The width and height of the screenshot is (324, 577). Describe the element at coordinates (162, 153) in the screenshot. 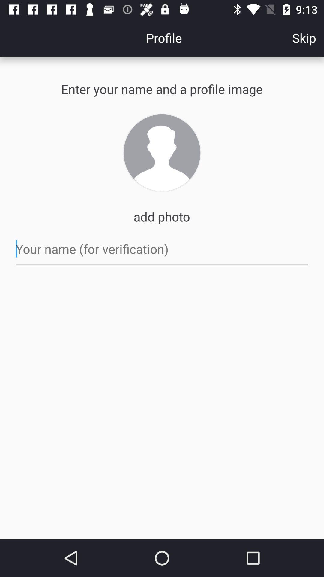

I see `upload photo` at that location.